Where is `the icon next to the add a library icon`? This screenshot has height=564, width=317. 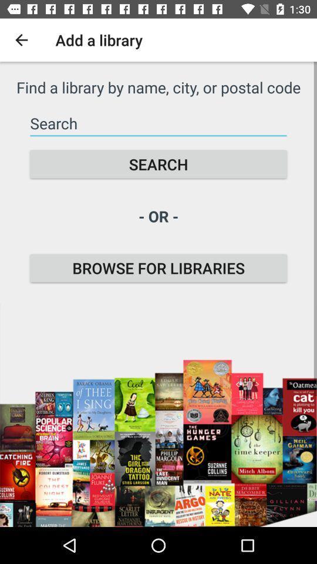
the icon next to the add a library icon is located at coordinates (21, 40).